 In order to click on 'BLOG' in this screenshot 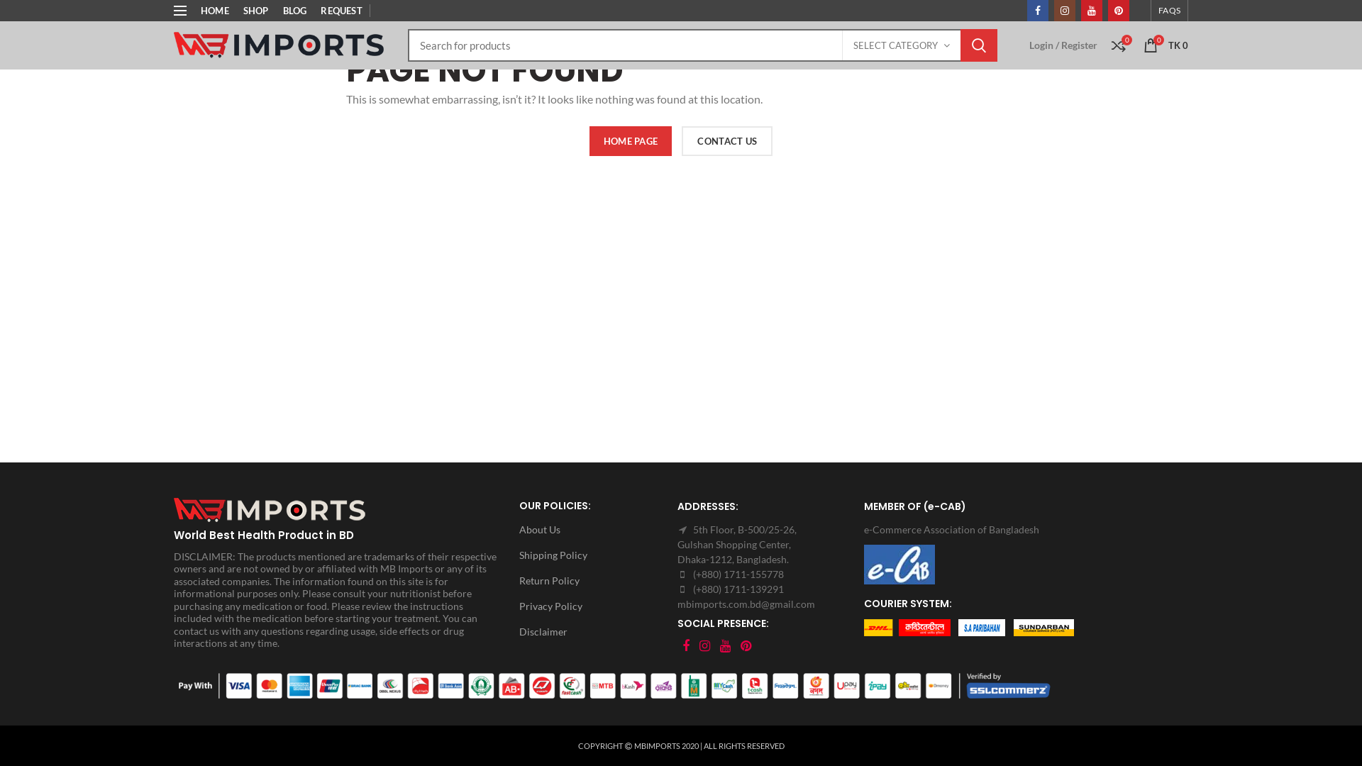, I will do `click(275, 11)`.